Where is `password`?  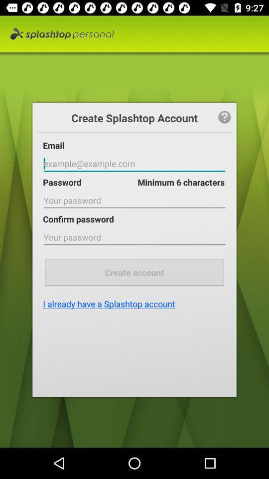 password is located at coordinates (134, 200).